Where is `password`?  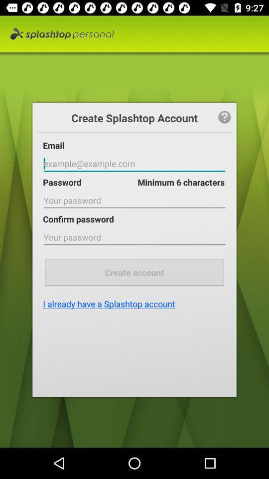 password is located at coordinates (134, 200).